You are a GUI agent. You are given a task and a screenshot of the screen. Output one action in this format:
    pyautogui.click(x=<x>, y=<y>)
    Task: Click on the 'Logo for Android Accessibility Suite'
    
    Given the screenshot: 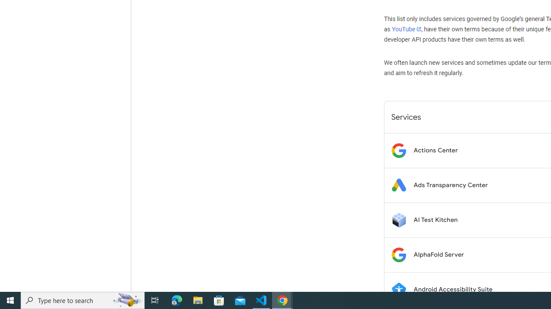 What is the action you would take?
    pyautogui.click(x=398, y=289)
    